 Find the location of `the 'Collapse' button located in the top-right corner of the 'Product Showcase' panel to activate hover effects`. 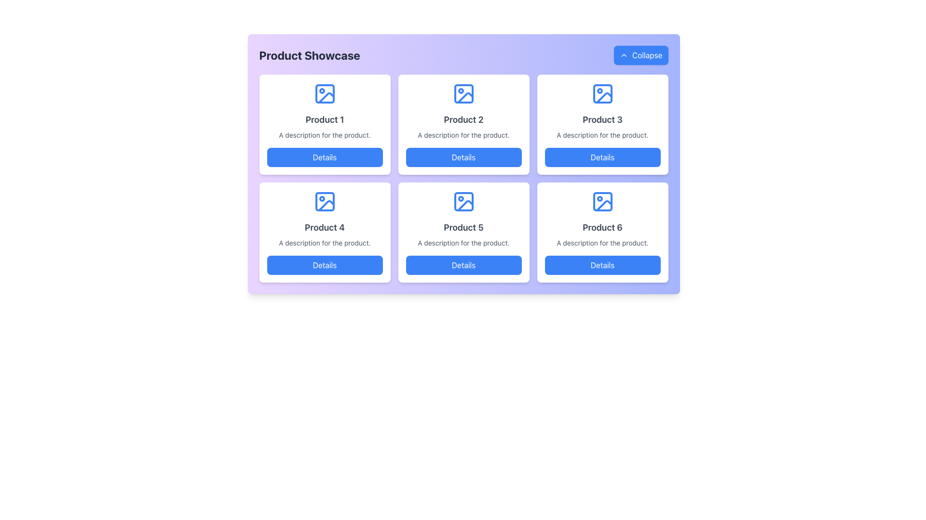

the 'Collapse' button located in the top-right corner of the 'Product Showcase' panel to activate hover effects is located at coordinates (641, 55).